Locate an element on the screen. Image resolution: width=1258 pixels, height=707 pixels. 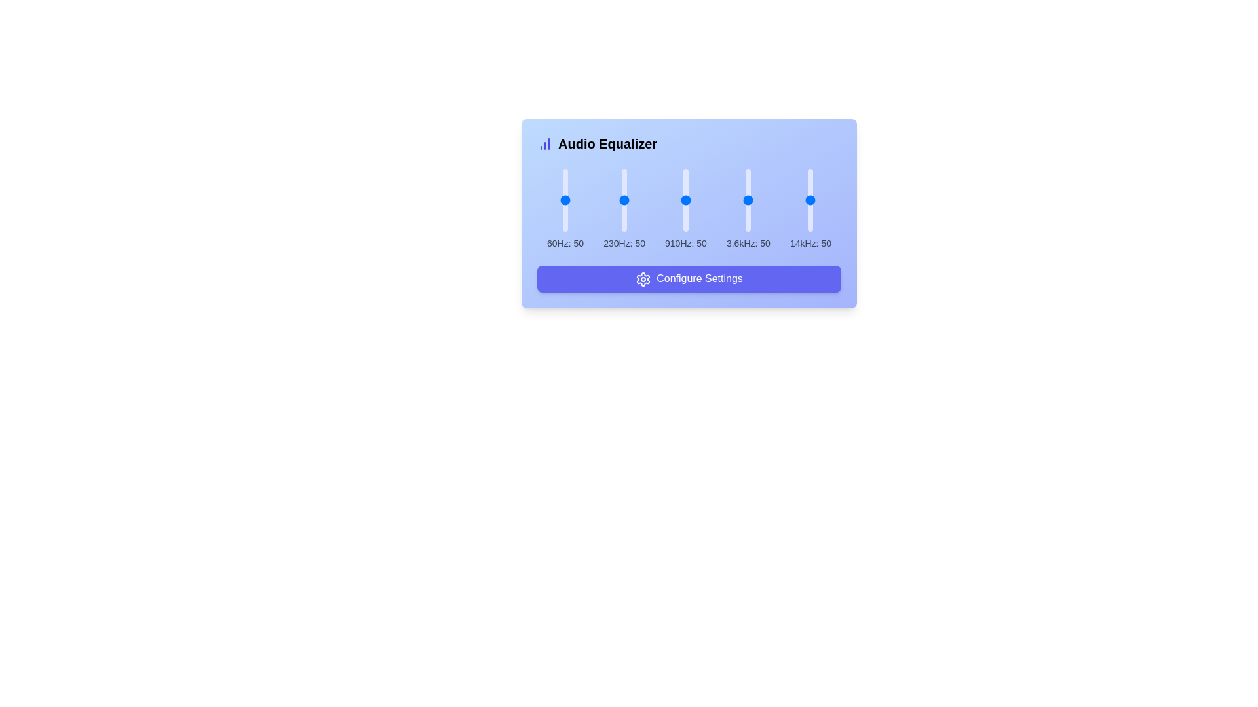
the 230Hz slider value is located at coordinates (624, 212).